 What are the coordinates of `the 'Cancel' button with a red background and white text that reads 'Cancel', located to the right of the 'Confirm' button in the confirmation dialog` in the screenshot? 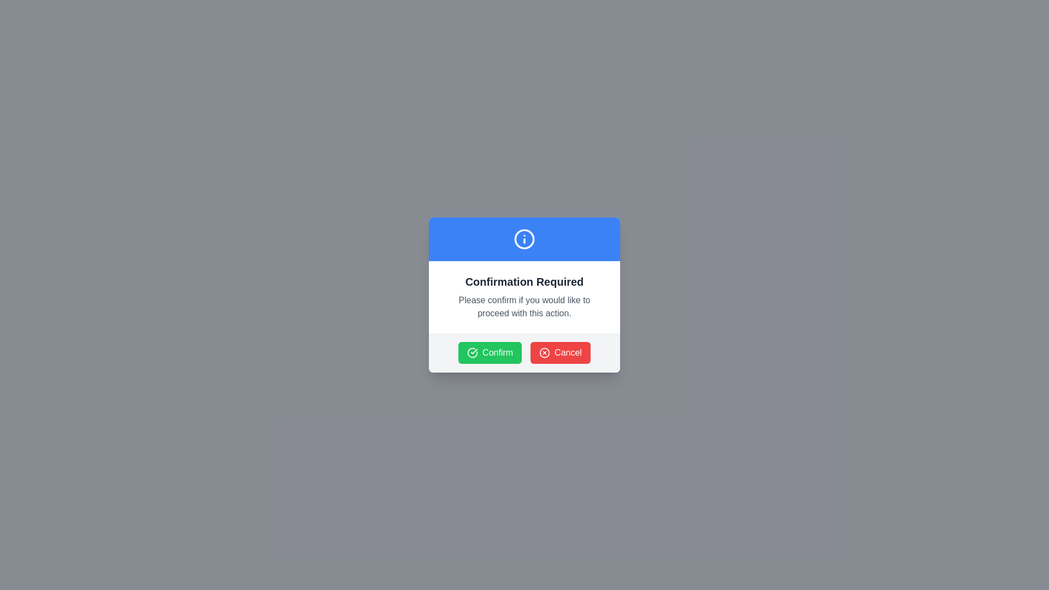 It's located at (561, 352).